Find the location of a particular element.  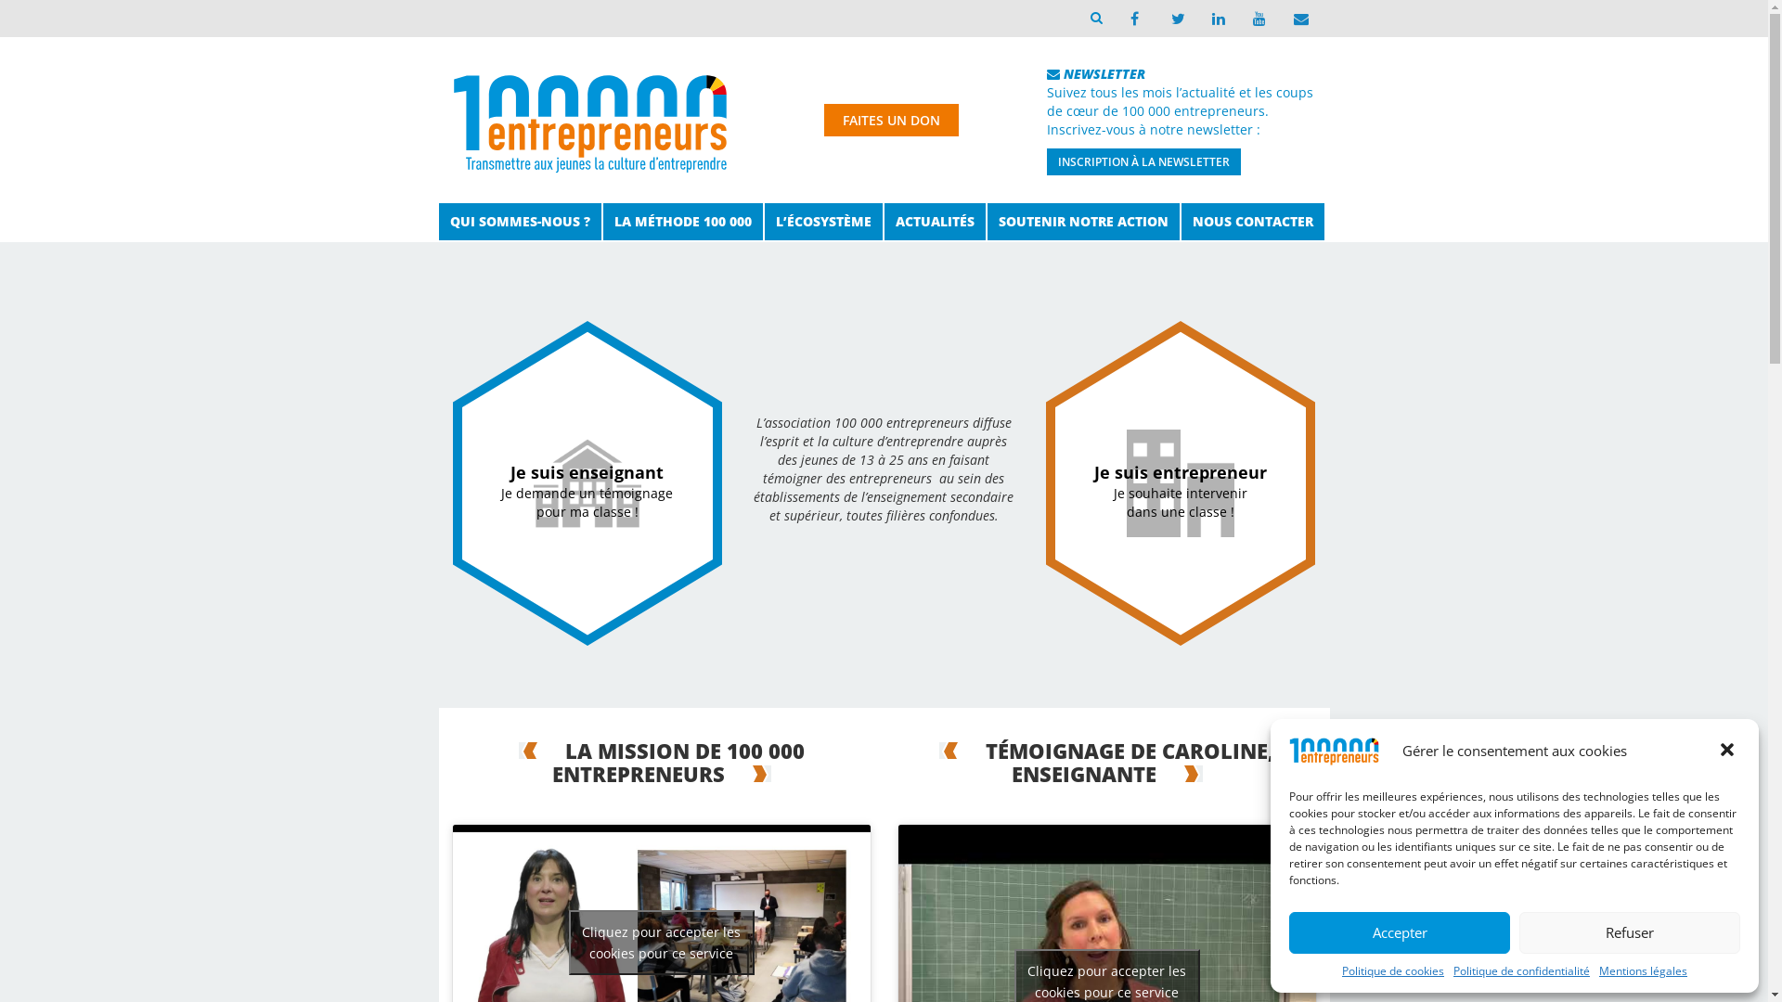

'Twitter' is located at coordinates (1174, 18).